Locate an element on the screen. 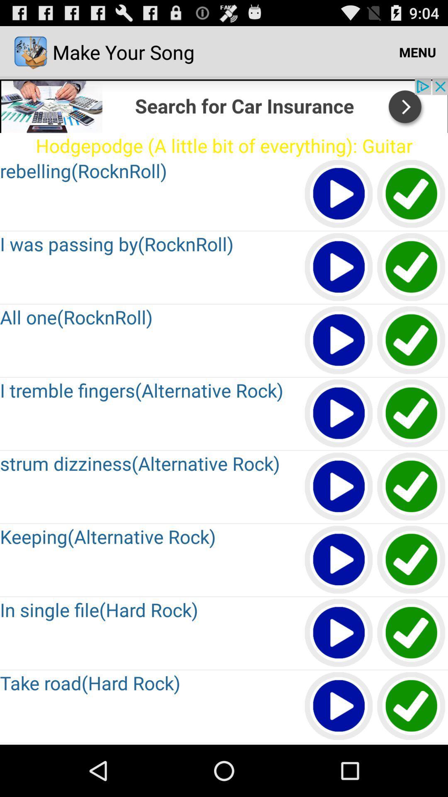  ok is located at coordinates (411, 414).